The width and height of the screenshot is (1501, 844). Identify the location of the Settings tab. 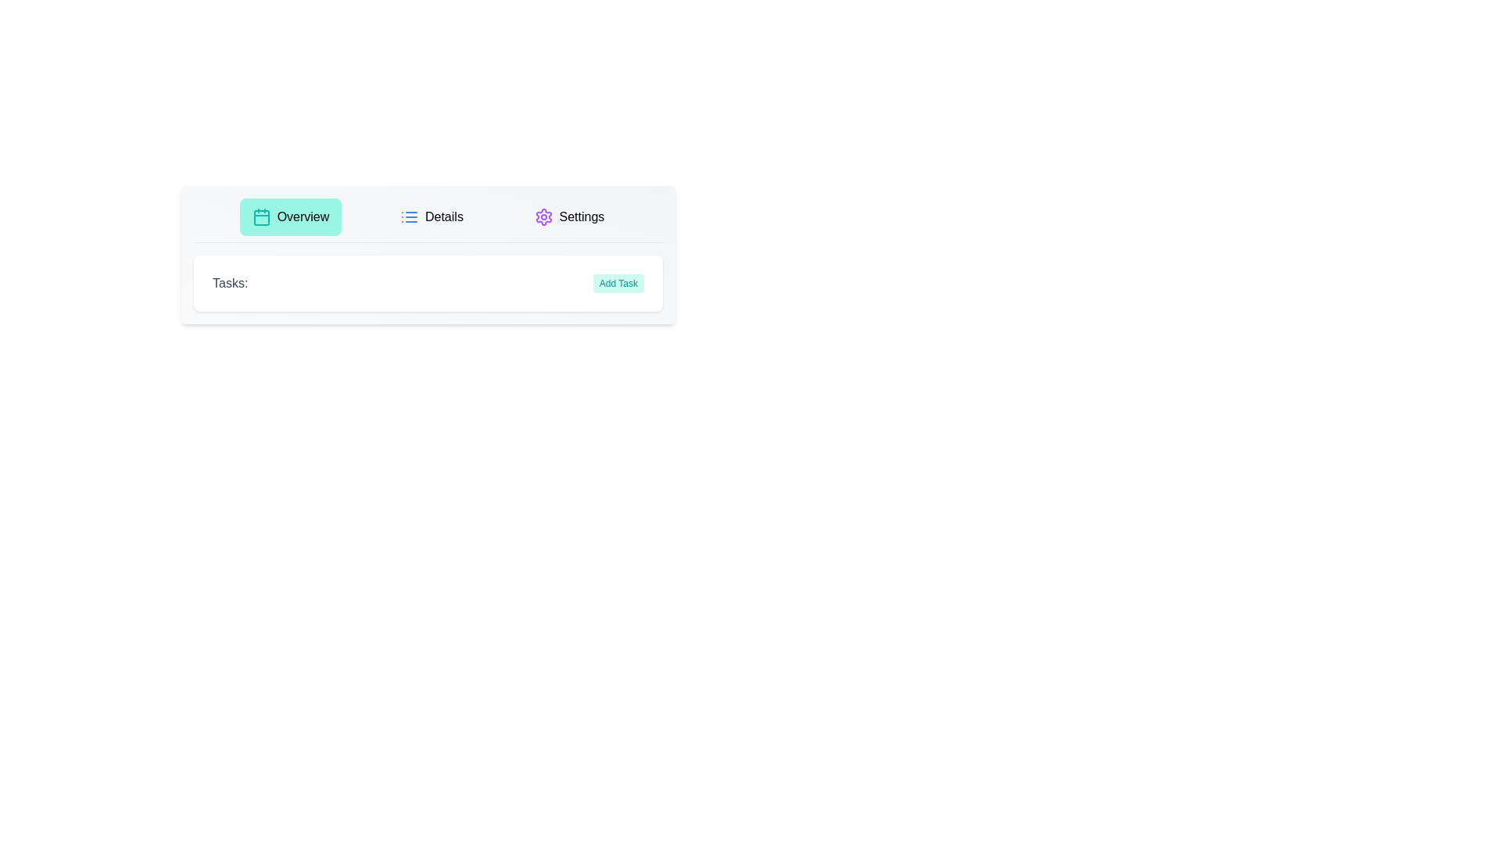
(568, 216).